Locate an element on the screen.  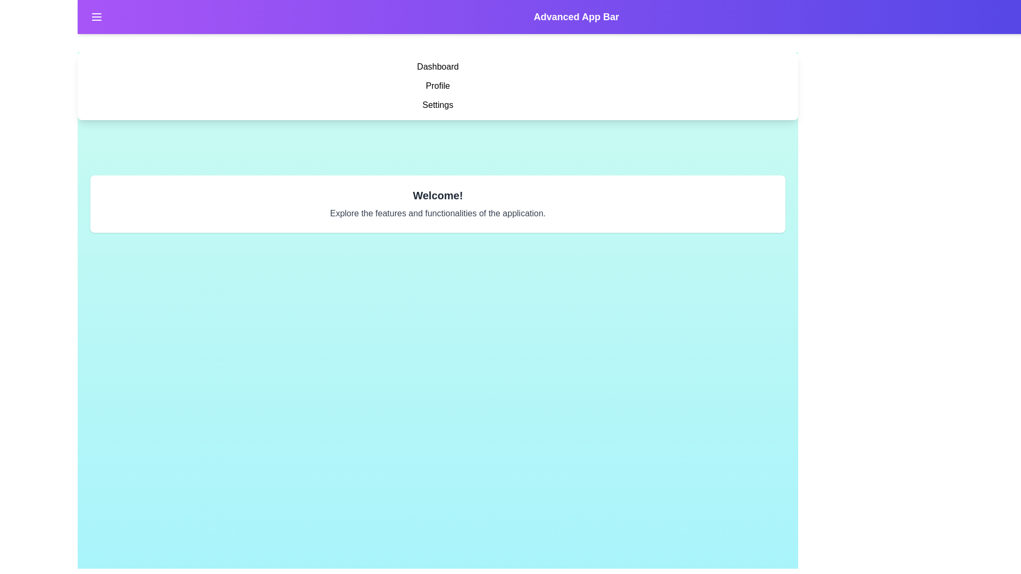
the 'Dashboard' menu item to navigate to the Dashboard is located at coordinates (438, 67).